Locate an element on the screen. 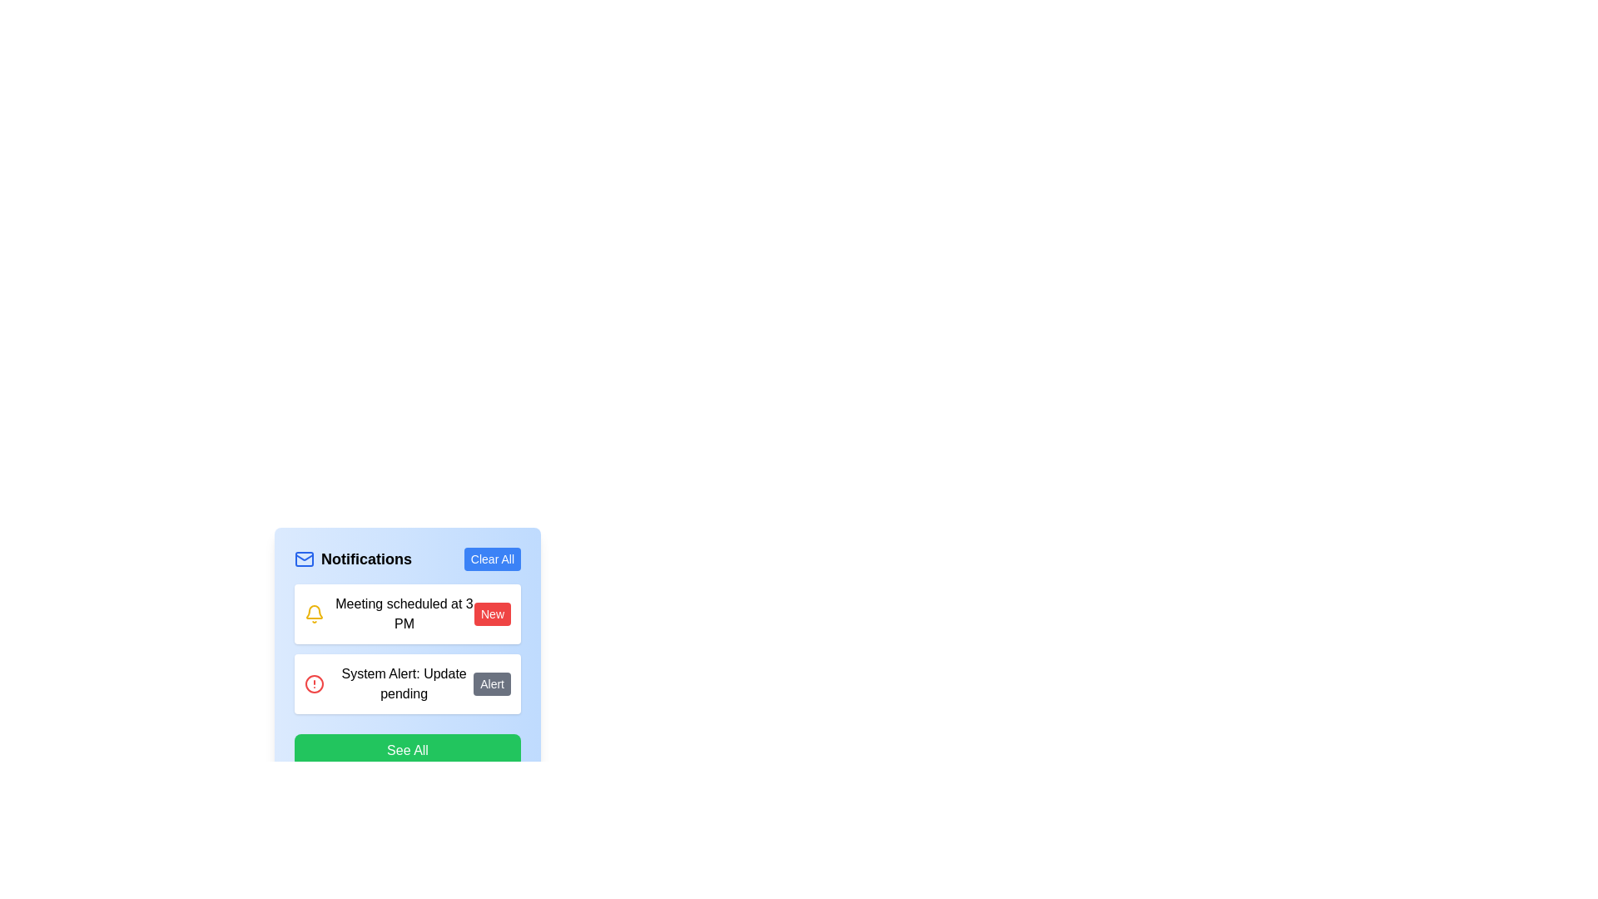  the graphical icon element that represents the flap of an envelope, commonly used to symbolize emails or messages is located at coordinates (304, 556).